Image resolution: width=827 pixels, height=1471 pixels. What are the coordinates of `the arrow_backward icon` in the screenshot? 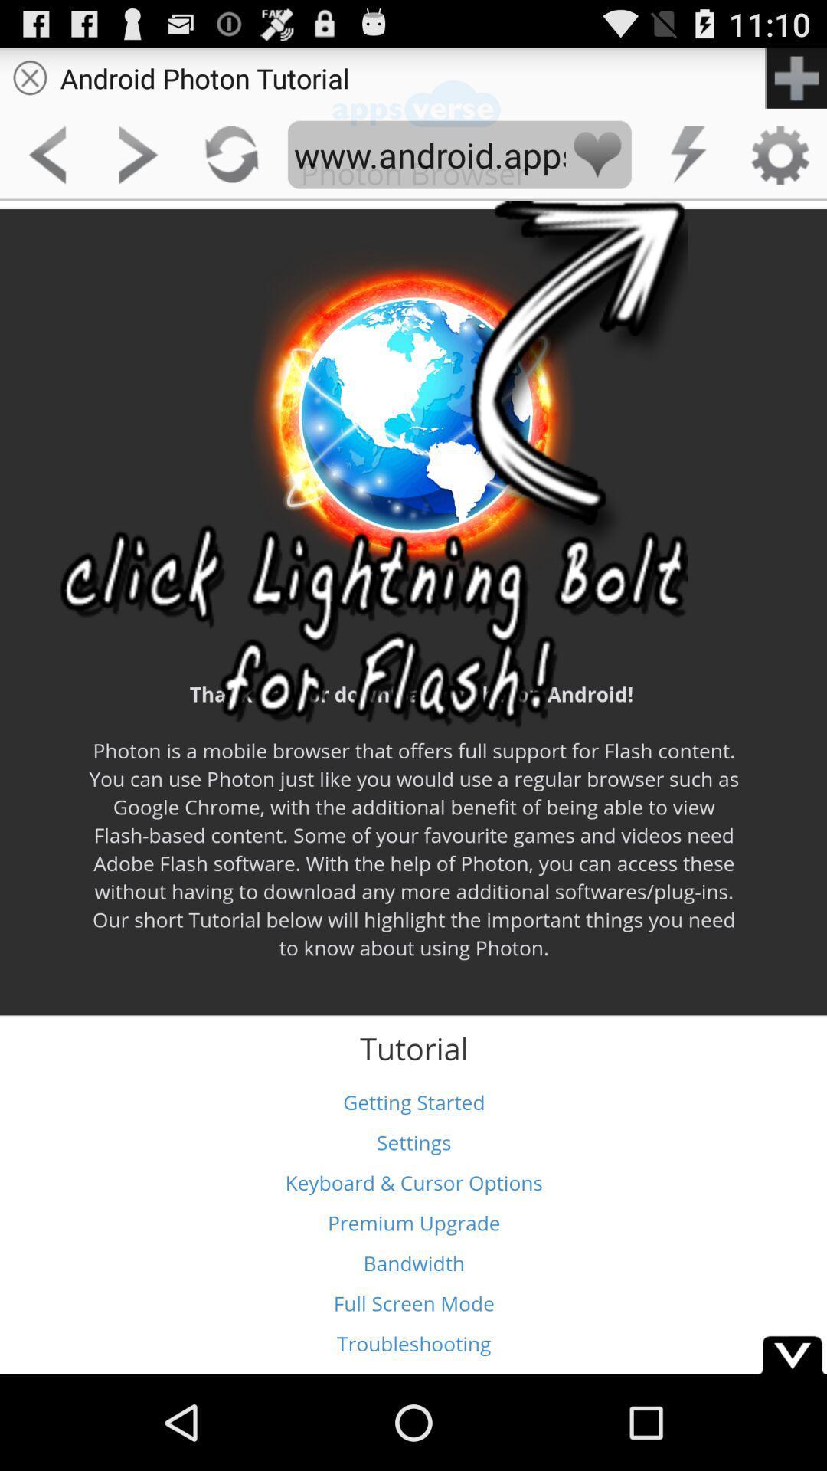 It's located at (45, 165).